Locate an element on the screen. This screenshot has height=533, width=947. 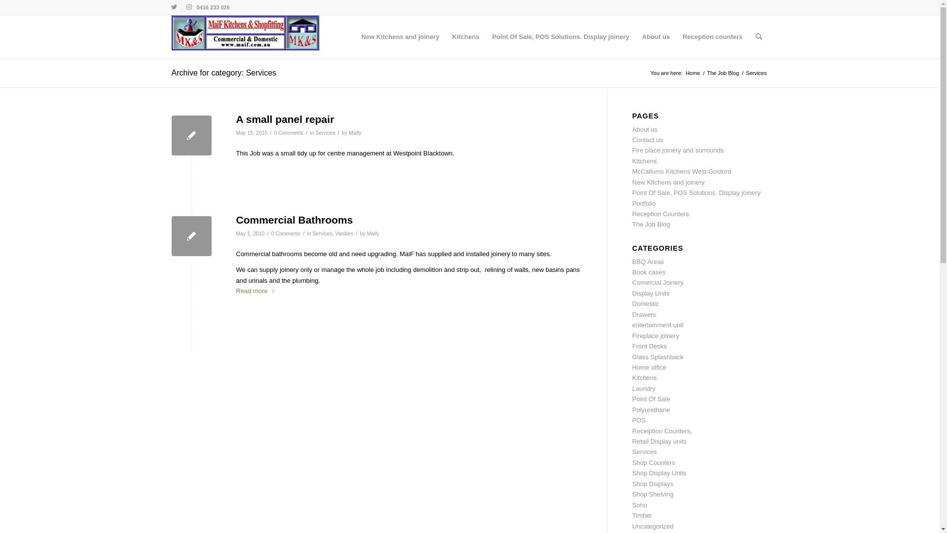
'BBQ Areas' is located at coordinates (632, 261).